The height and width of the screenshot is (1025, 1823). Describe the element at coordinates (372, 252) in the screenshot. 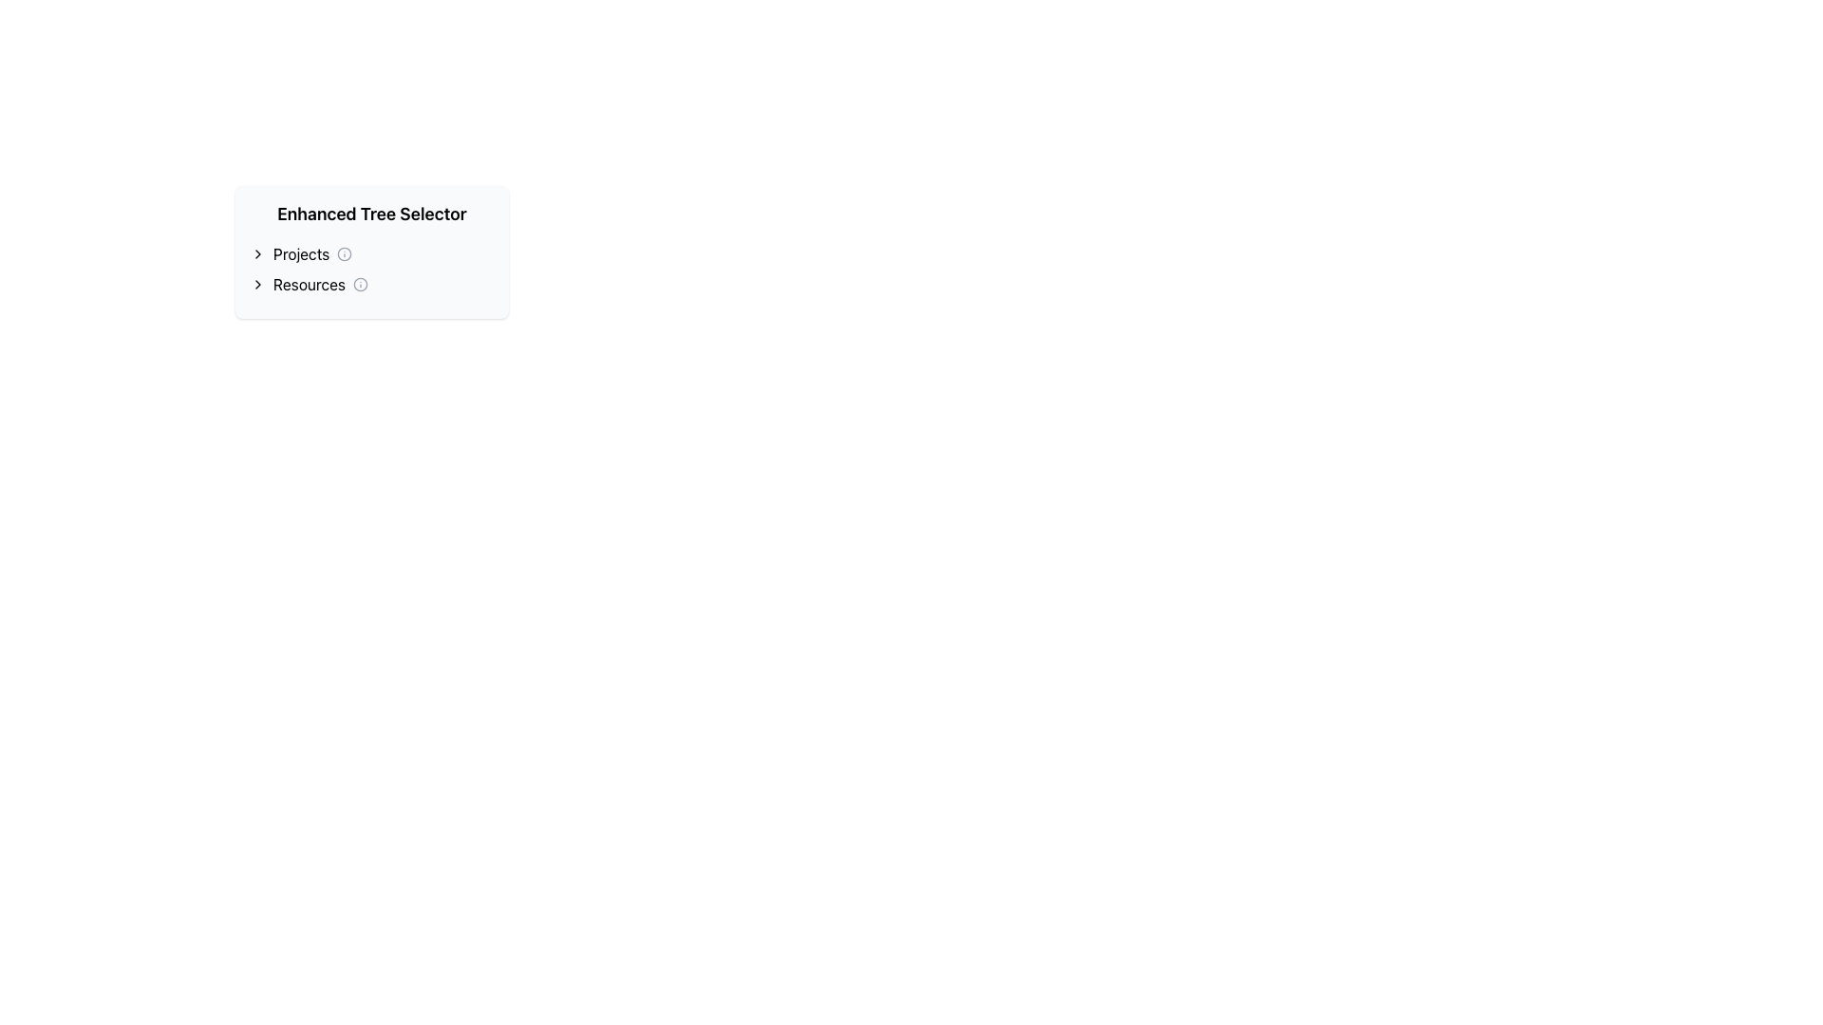

I see `the first selectable item in the 'Enhanced Tree Selector'` at that location.